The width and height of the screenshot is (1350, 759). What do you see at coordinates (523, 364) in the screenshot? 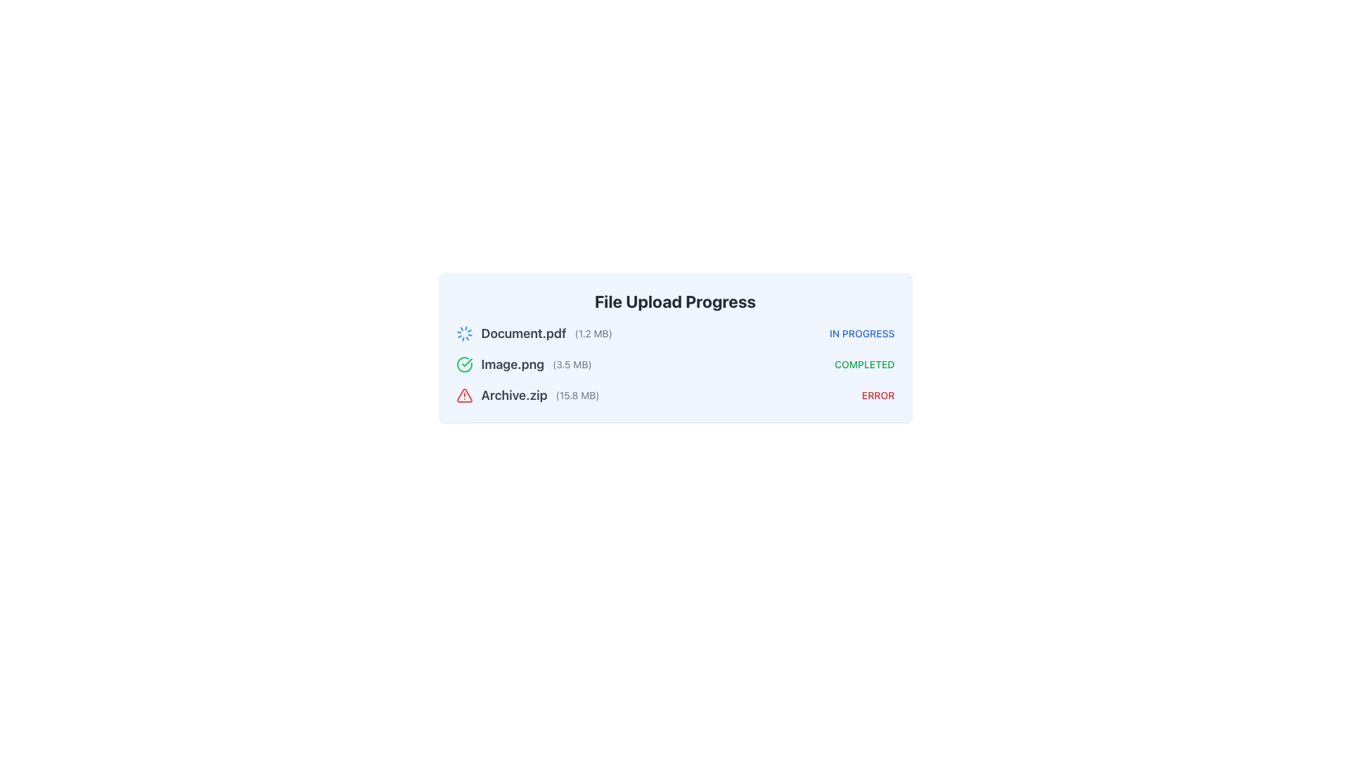
I see `displayed file name ('Image.png') and its size ('3.5 MB') from the second entry in the File Upload Progress section, which has a green checkmark icon indicating completion` at bounding box center [523, 364].